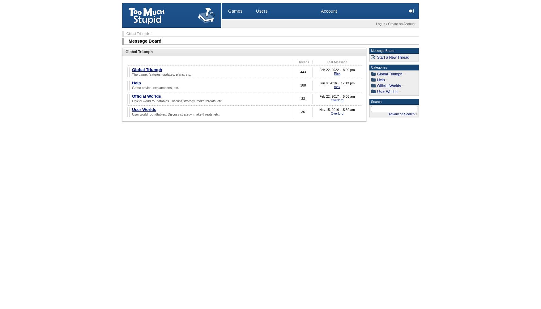 The image size is (541, 309). I want to click on 'Feb 22, 2022', so click(319, 70).